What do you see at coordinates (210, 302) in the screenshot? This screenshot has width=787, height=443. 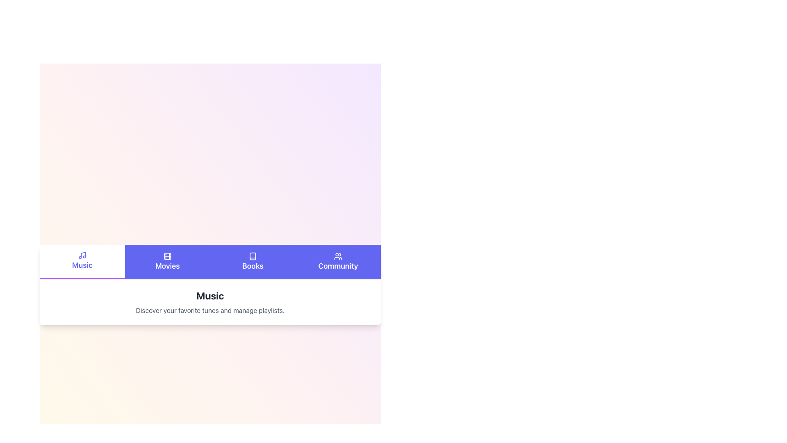 I see `text-based informational banner located below the navigation bar, which describes the features of the 'Music' section` at bounding box center [210, 302].